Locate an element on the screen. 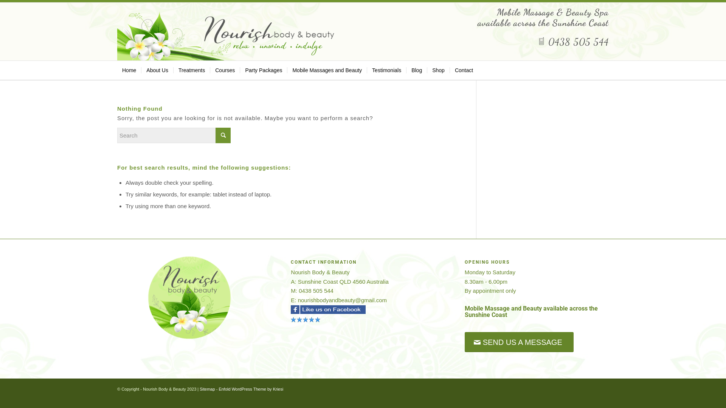 The image size is (726, 408). 'Party Packages' is located at coordinates (239, 70).